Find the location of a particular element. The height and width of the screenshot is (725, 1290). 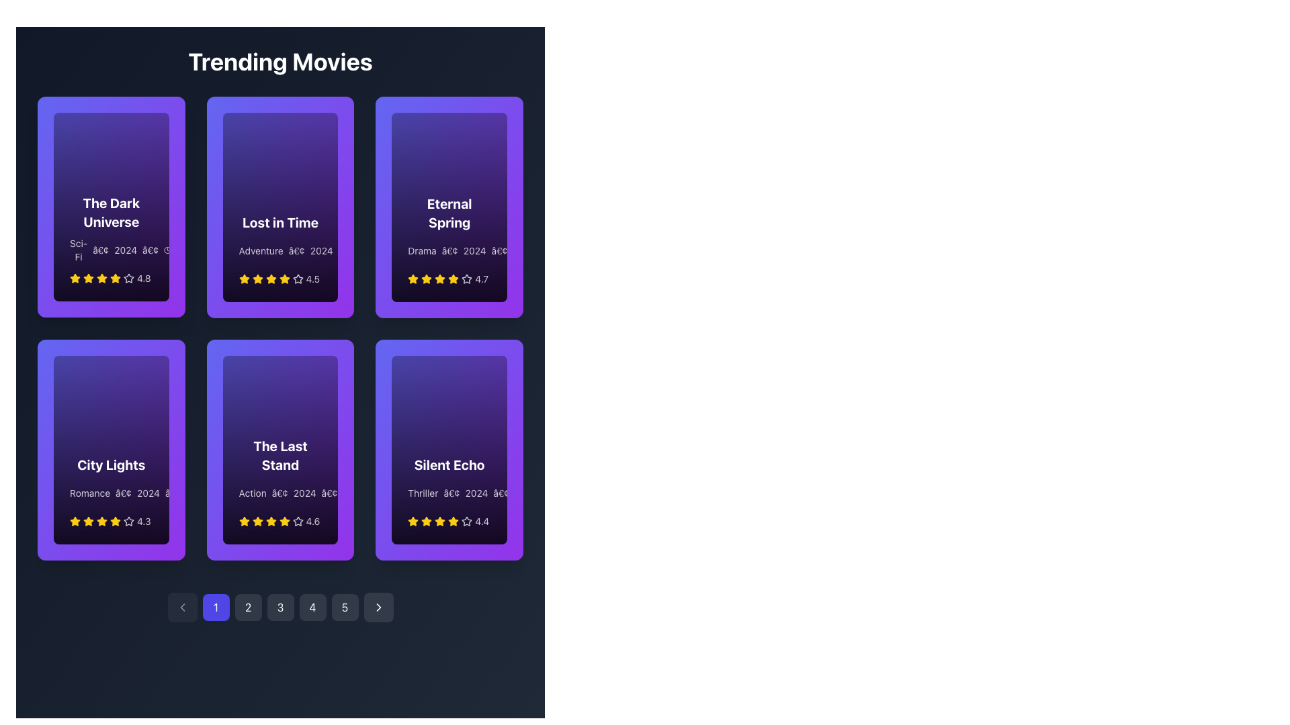

the triangular icon filled with white located in the top-right corner of the 'Silent Echo' card is located at coordinates (500, 367).